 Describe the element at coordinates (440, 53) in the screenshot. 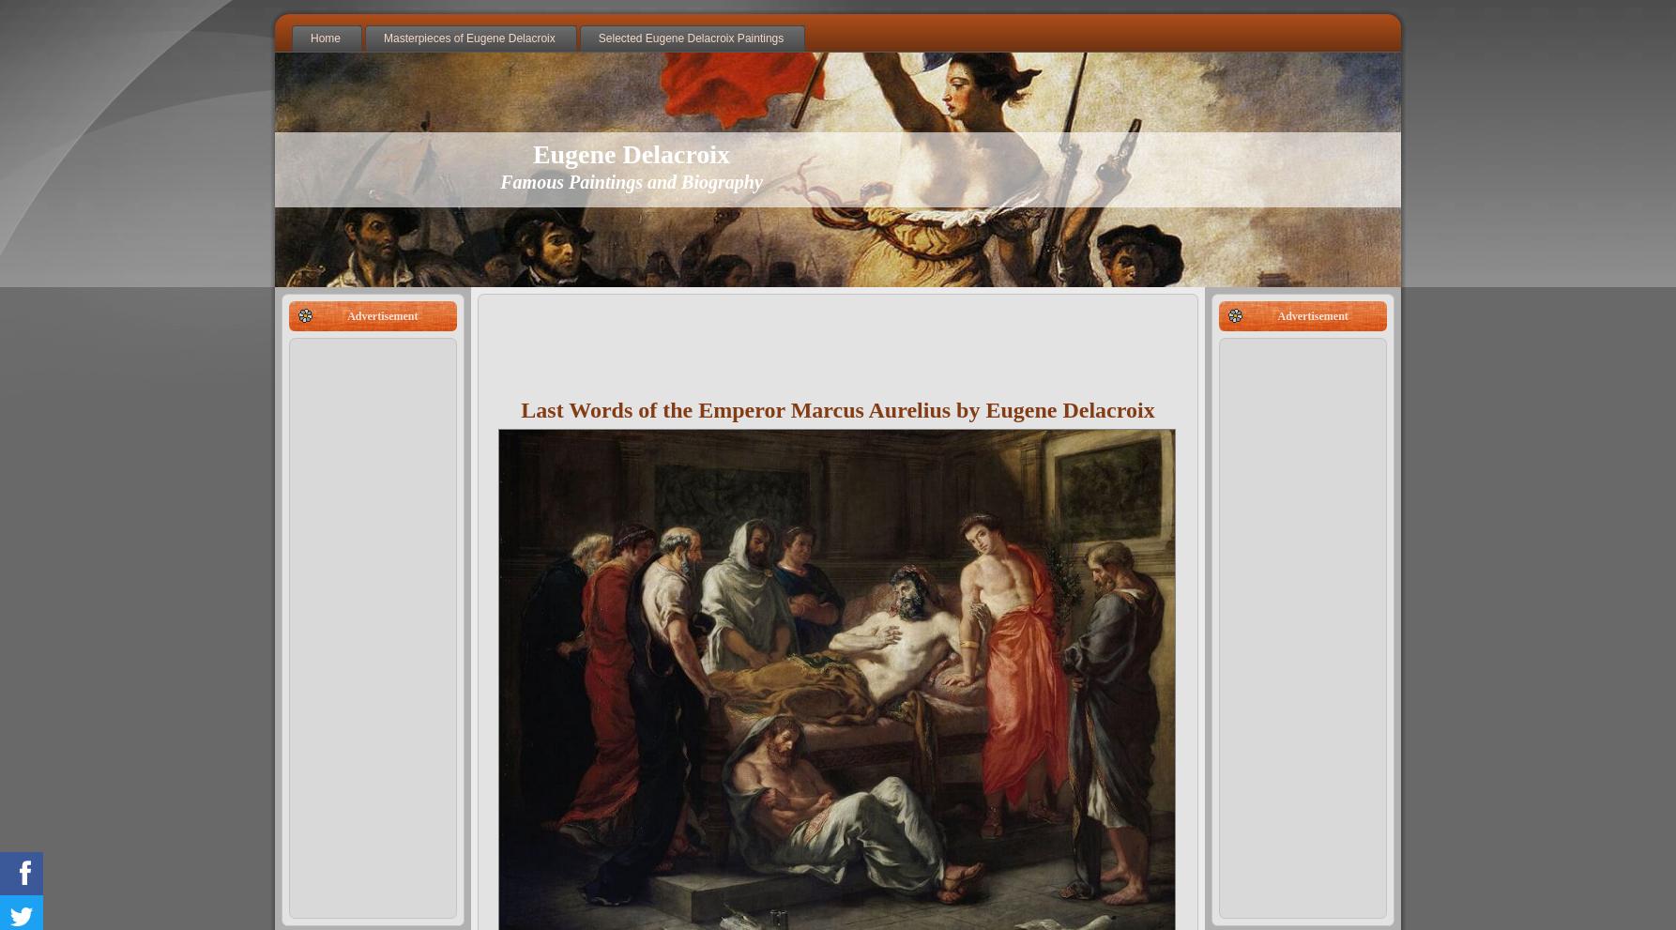

I see `'The Death of Sardanapalus'` at that location.